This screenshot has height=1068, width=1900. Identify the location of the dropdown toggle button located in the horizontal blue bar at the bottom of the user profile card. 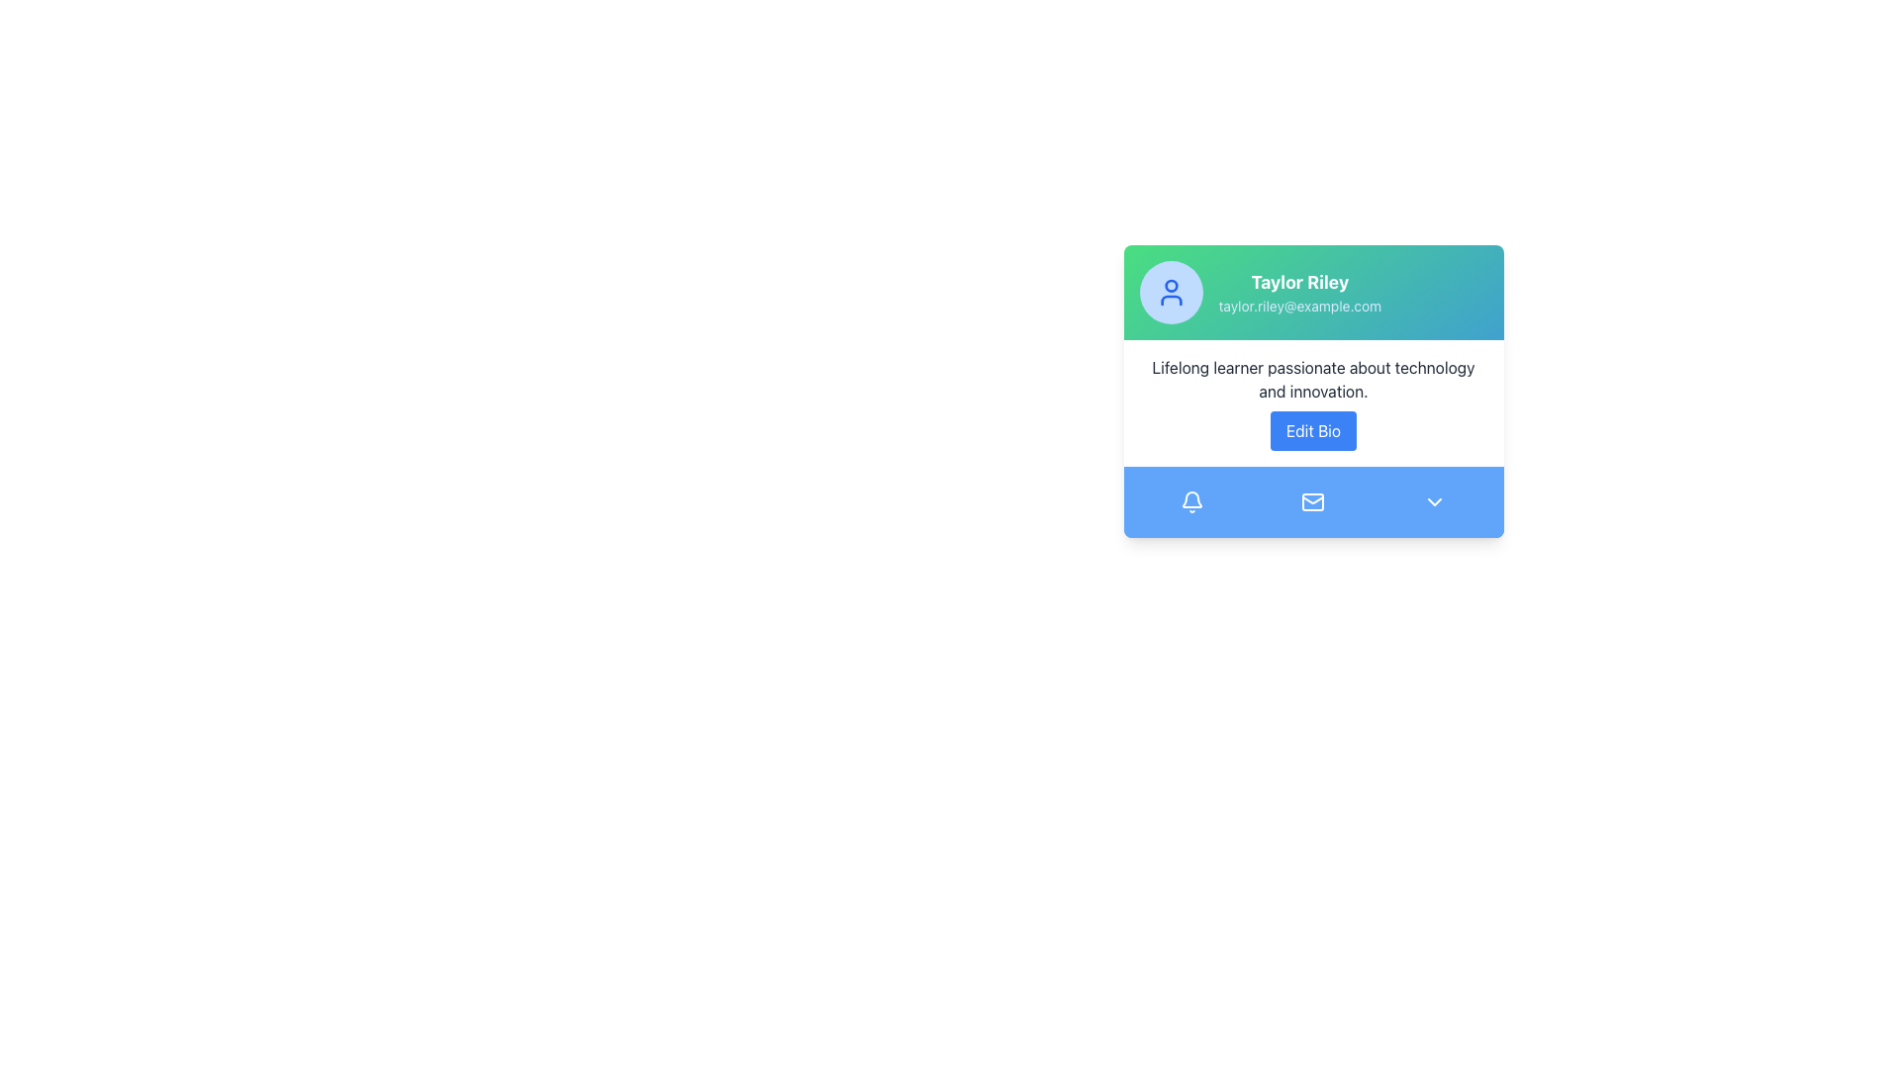
(1434, 501).